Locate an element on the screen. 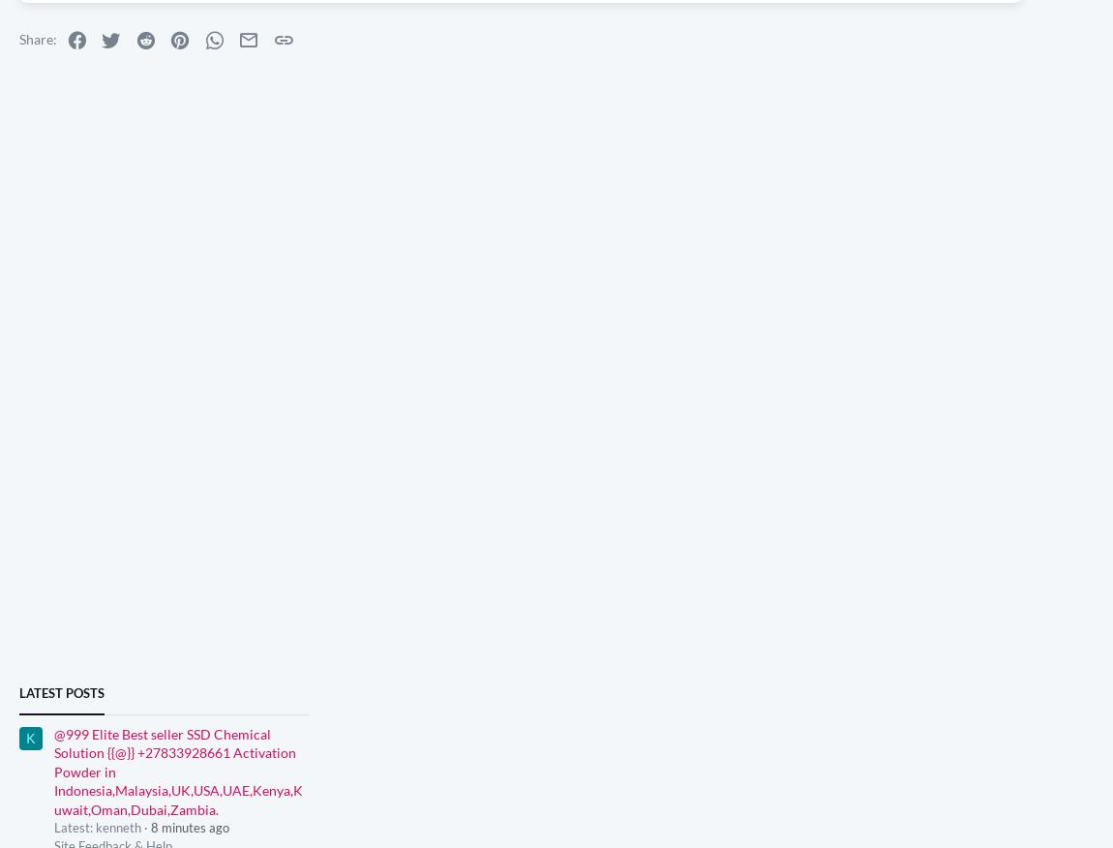 The image size is (1113, 848). 'Nov 11, 2020' is located at coordinates (295, 17).